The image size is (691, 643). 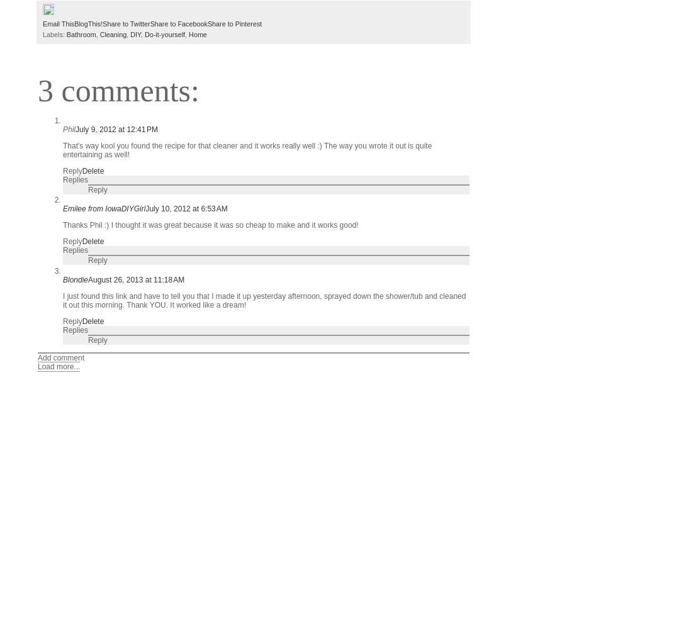 I want to click on 'Cleaning', so click(x=113, y=33).